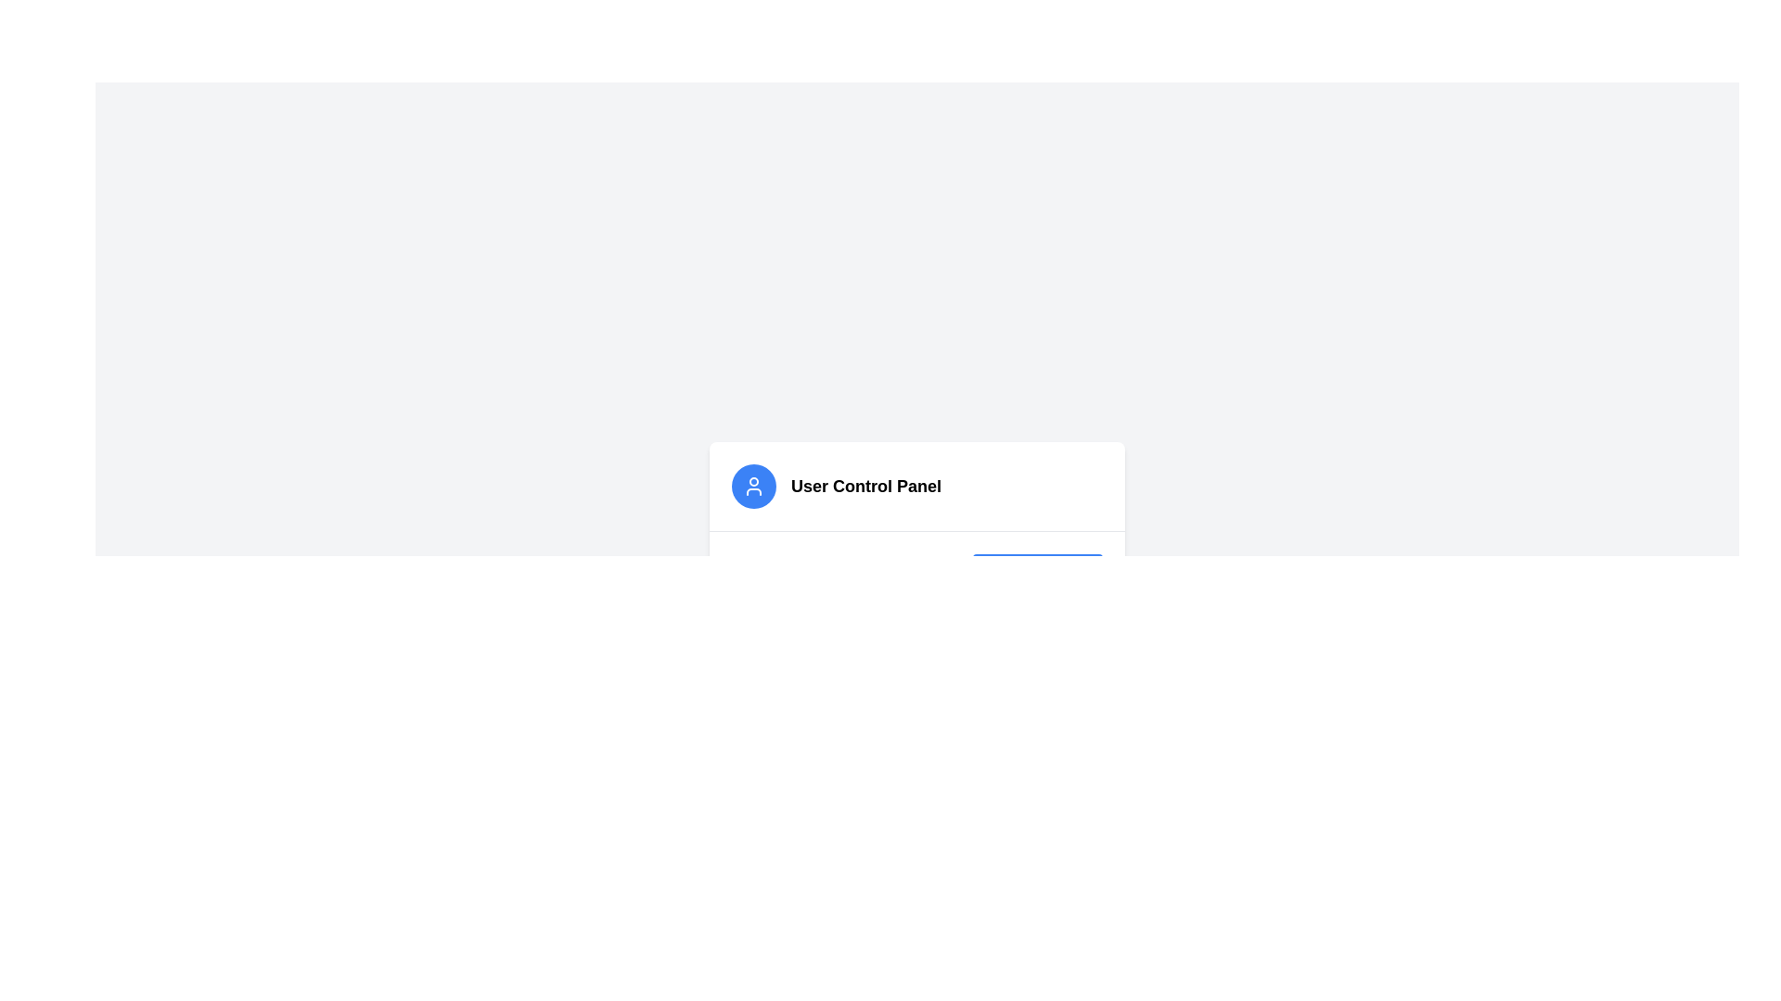  I want to click on the icon of the label located at the top of the user control panel section, which serves as a heading for this functional area, so click(916, 485).